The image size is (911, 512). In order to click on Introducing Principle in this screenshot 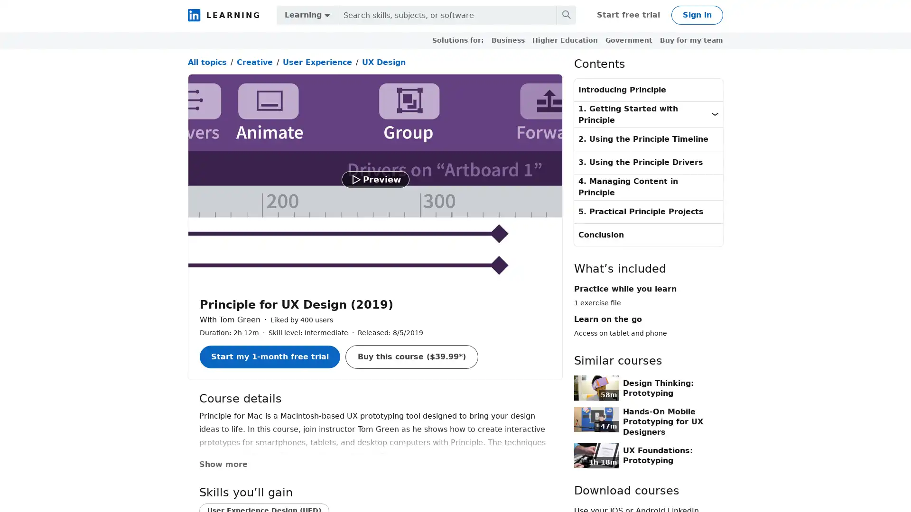, I will do `click(648, 90)`.